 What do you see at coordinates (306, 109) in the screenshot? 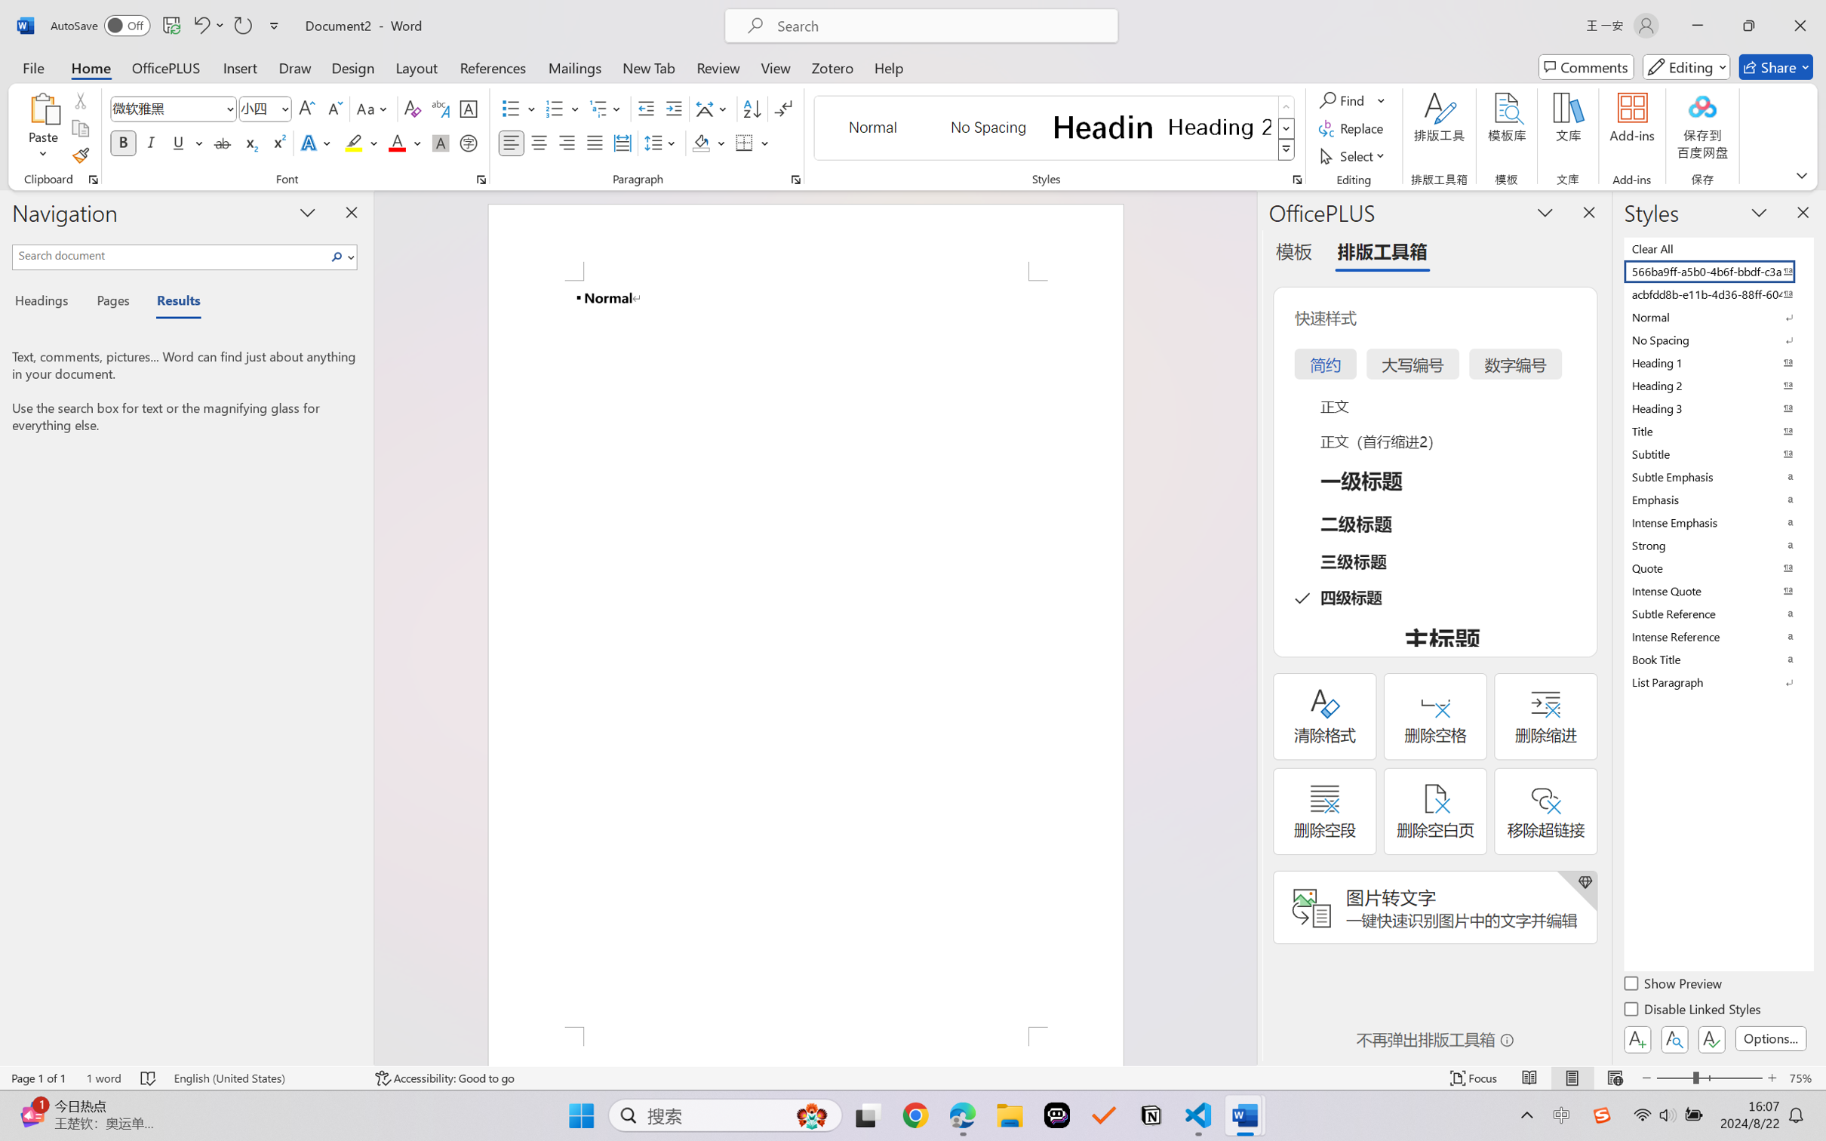
I see `'Grow Font'` at bounding box center [306, 109].